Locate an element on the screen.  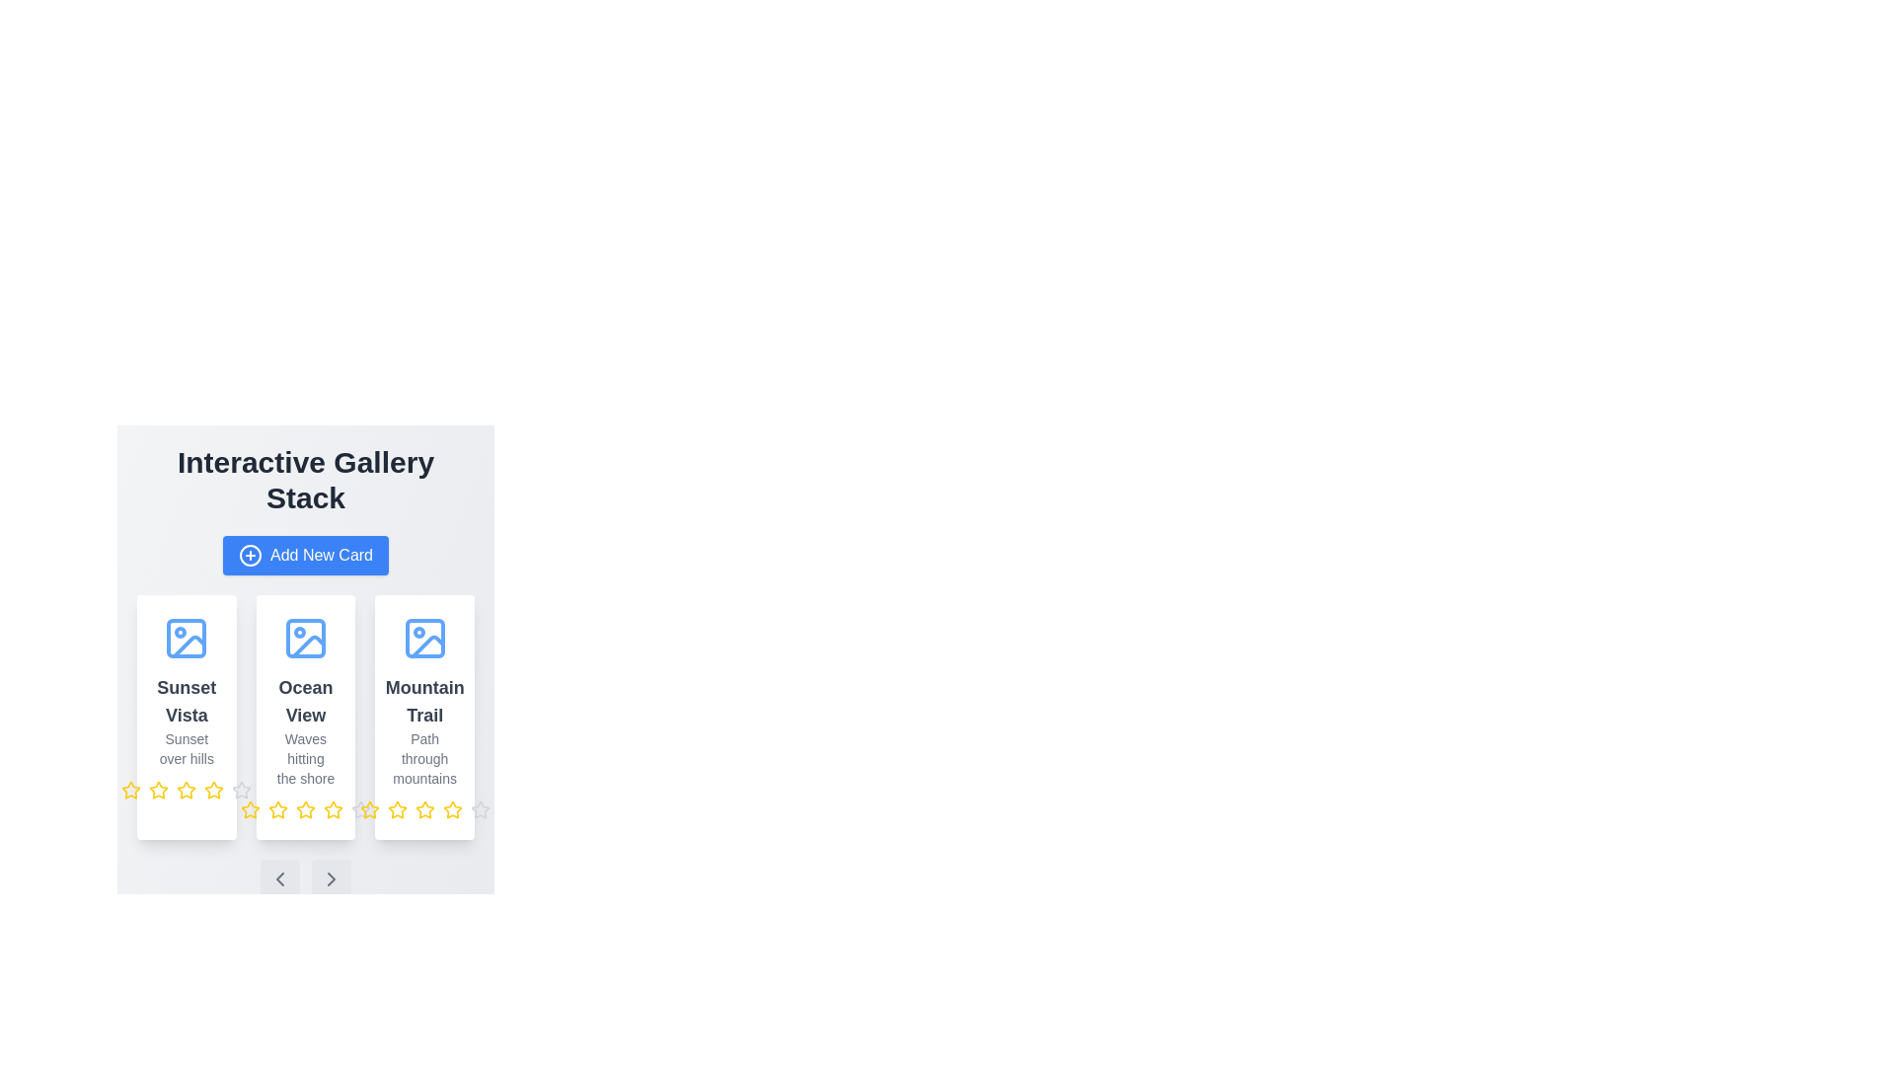
the static descriptive text element located under the 'Ocean View' title and above the star rating icons in the second card of the card group is located at coordinates (305, 757).